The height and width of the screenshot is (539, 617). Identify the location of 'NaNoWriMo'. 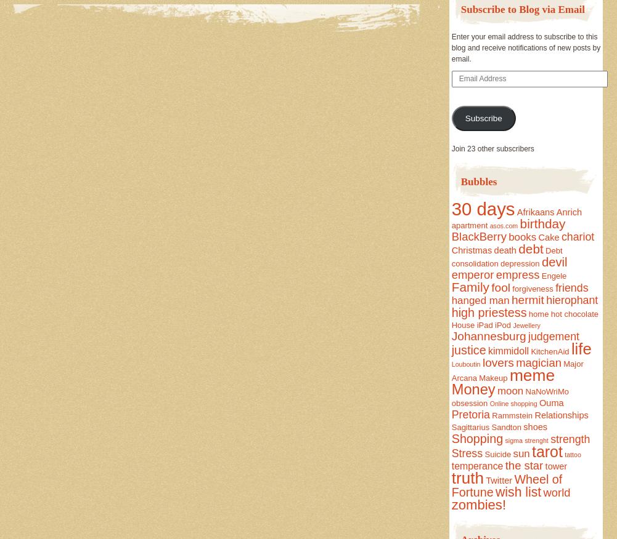
(547, 391).